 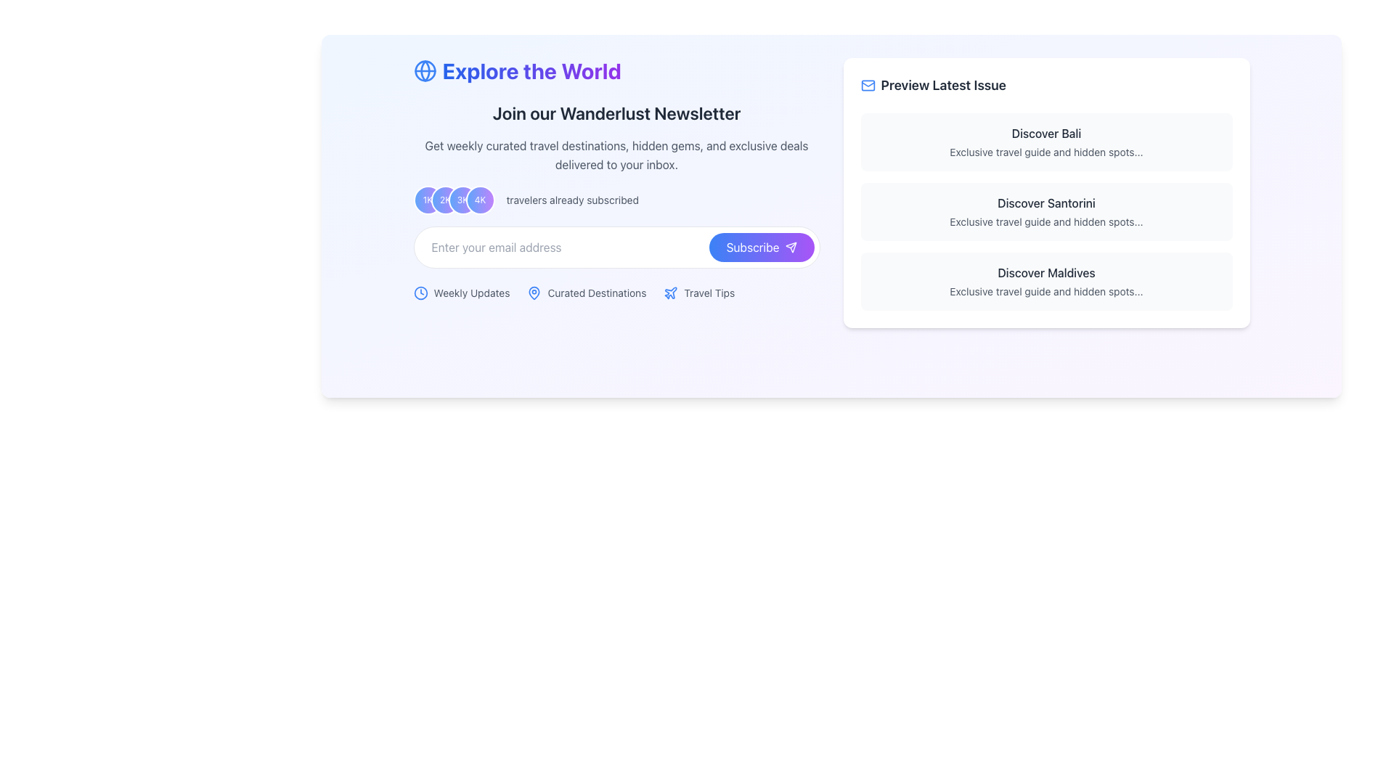 What do you see at coordinates (427, 200) in the screenshot?
I see `the first badge in the group of four badges, which serves as a visual indicator related to the newsletter or subscribers` at bounding box center [427, 200].